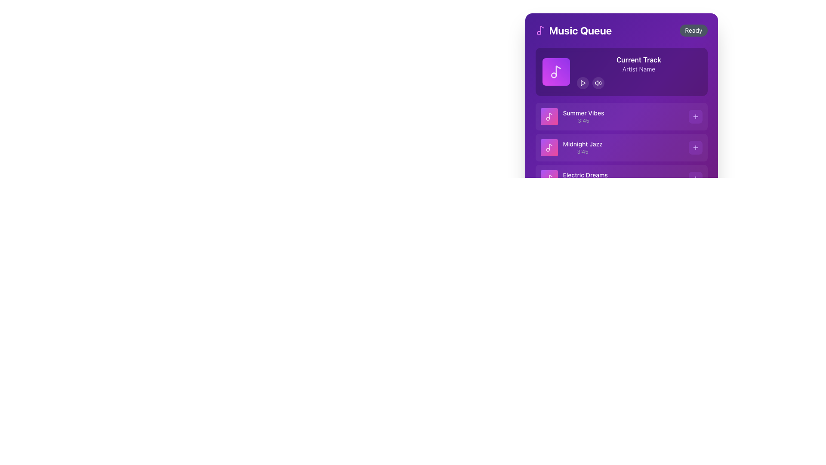 Image resolution: width=826 pixels, height=465 pixels. Describe the element at coordinates (554, 74) in the screenshot. I see `first Vector graphical component (circle) of the music-themed SVG illustration in the DOM` at that location.